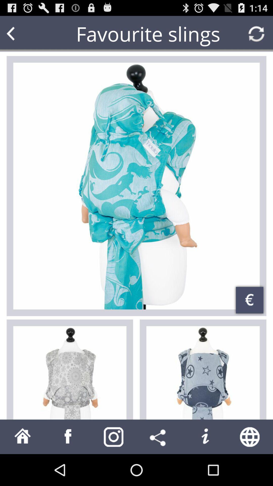 The image size is (273, 486). I want to click on web, so click(250, 436).